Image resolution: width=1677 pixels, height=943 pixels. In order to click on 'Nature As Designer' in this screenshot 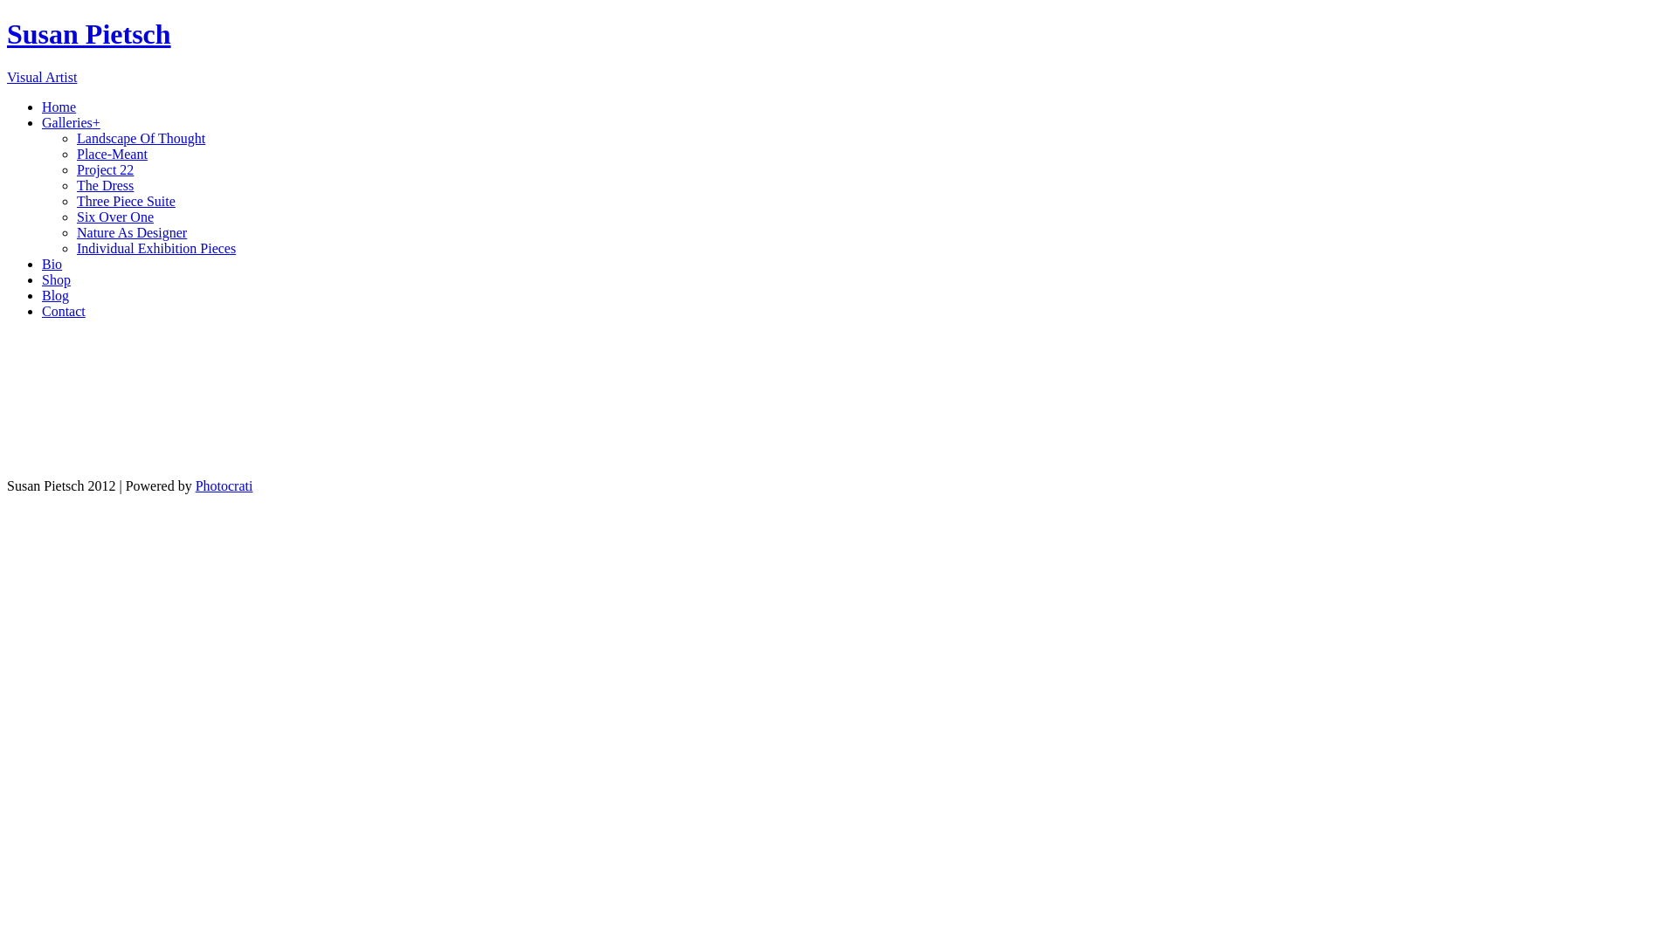, I will do `click(130, 231)`.